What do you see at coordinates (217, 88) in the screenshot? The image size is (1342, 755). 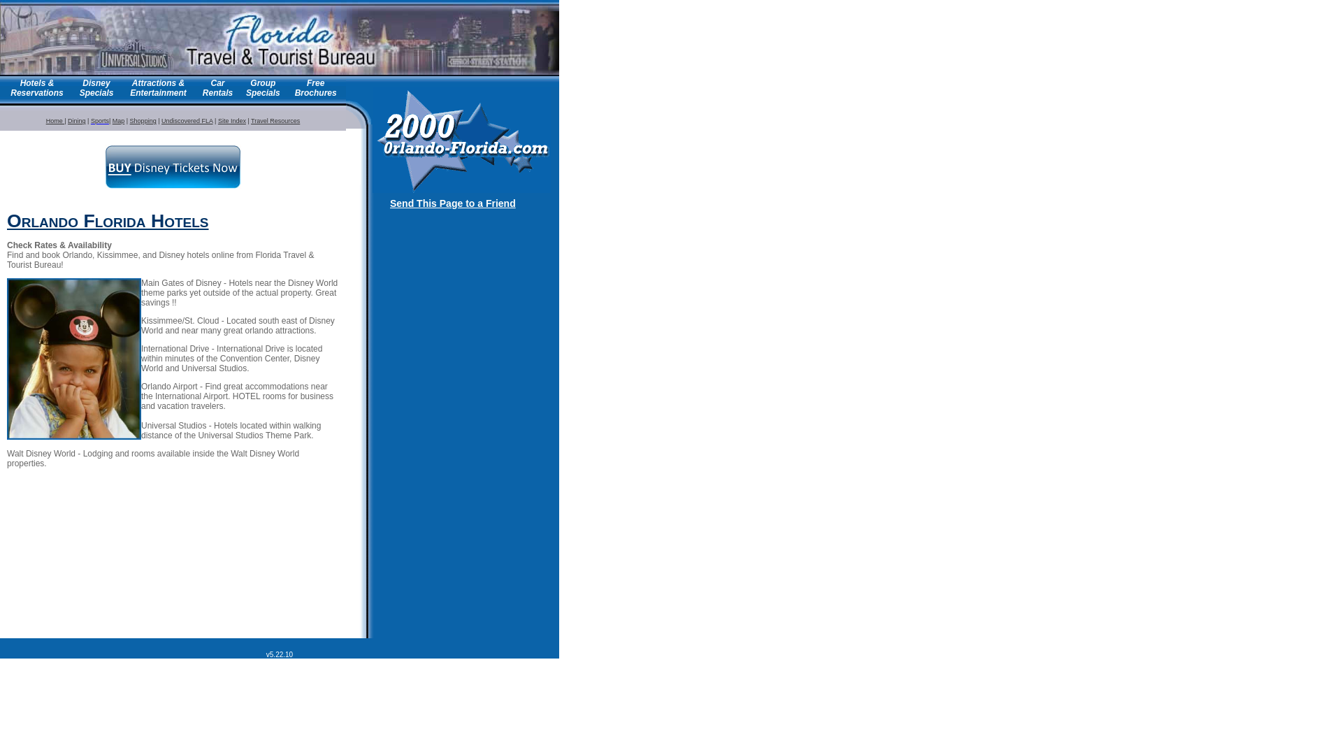 I see `'Car` at bounding box center [217, 88].